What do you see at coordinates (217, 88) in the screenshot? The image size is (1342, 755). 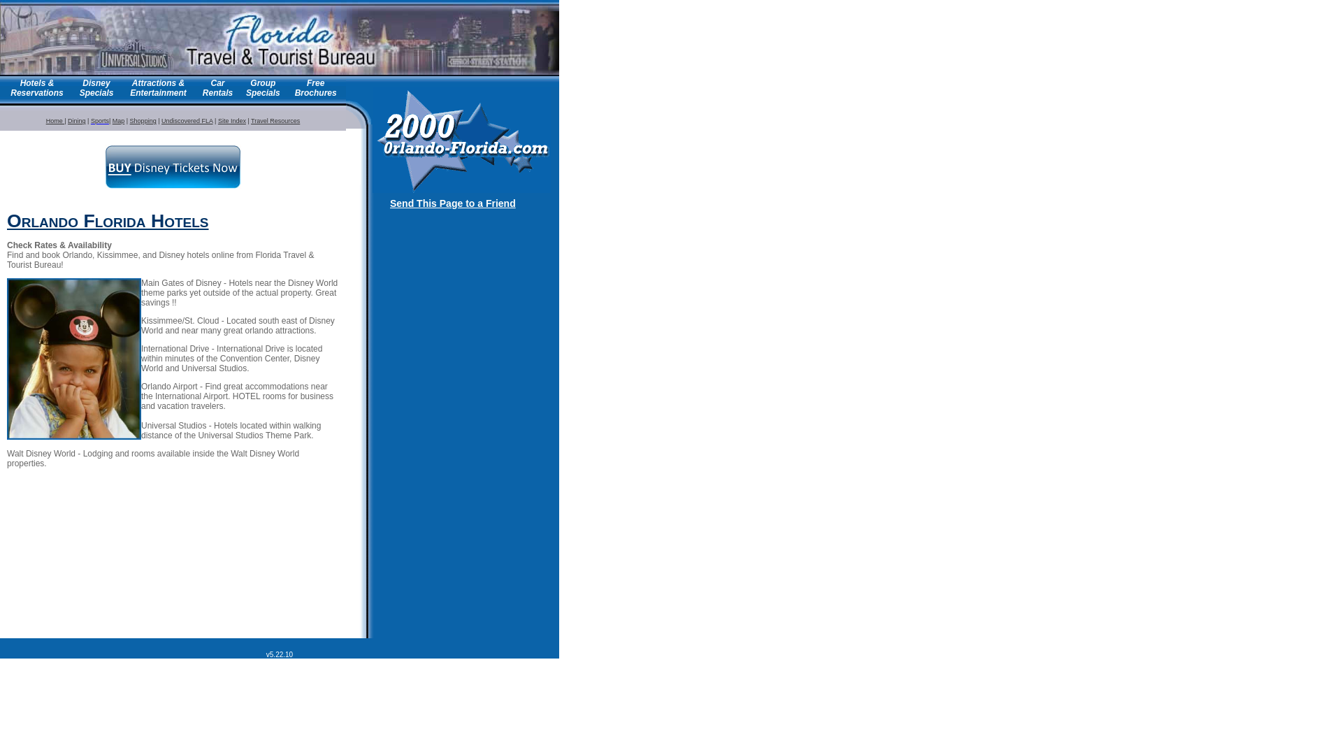 I see `'Car` at bounding box center [217, 88].